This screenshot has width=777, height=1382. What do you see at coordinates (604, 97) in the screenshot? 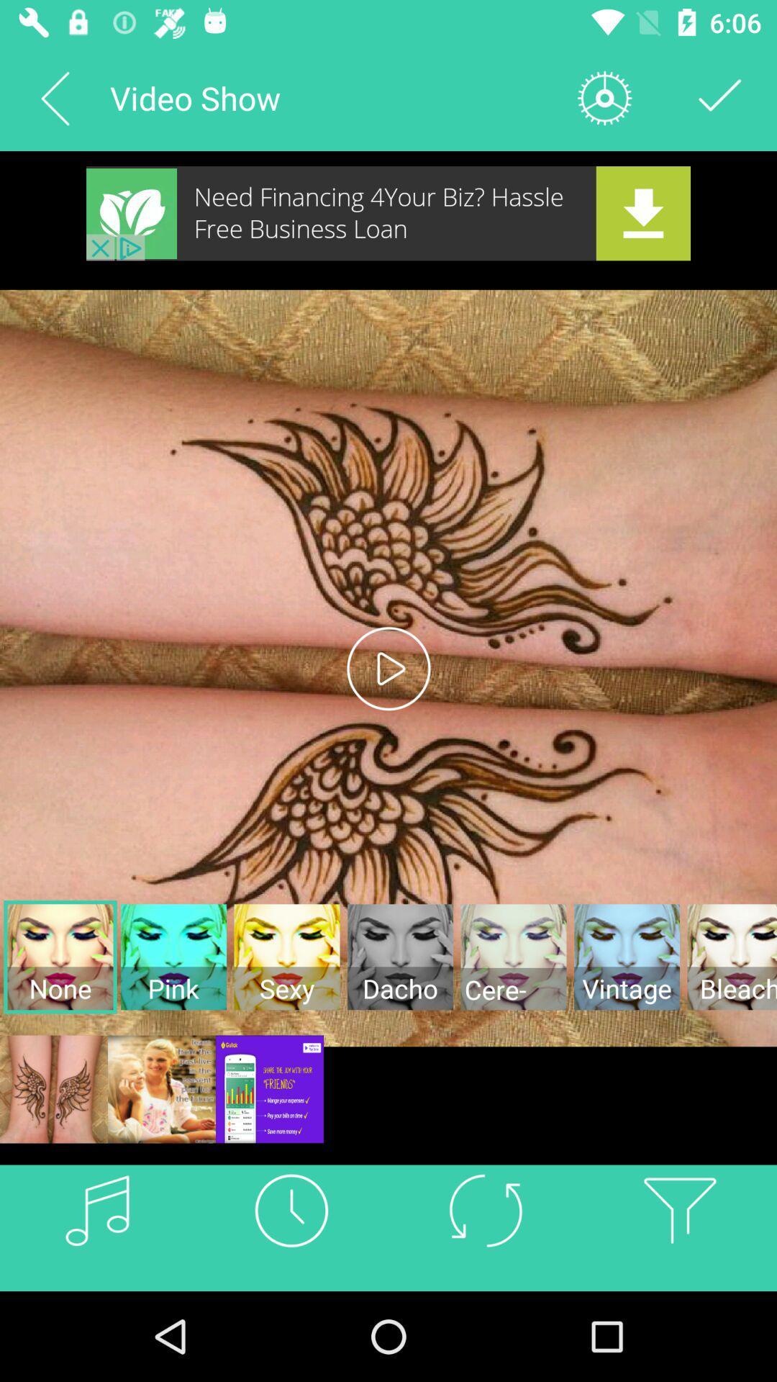
I see `the settings icon` at bounding box center [604, 97].